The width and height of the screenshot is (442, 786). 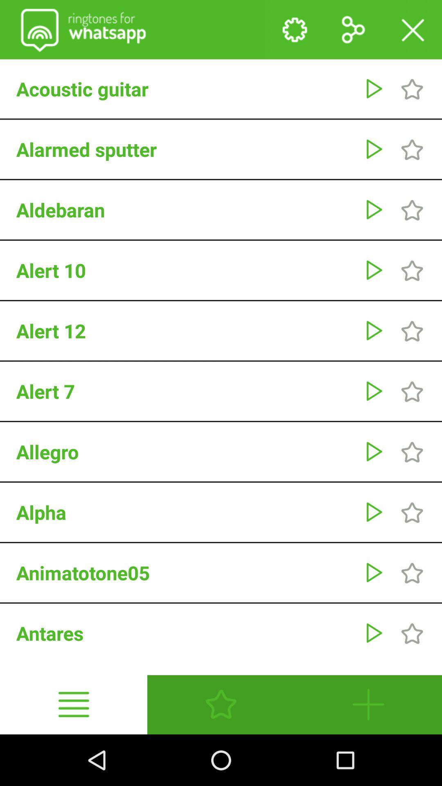 I want to click on allegro app, so click(x=186, y=451).